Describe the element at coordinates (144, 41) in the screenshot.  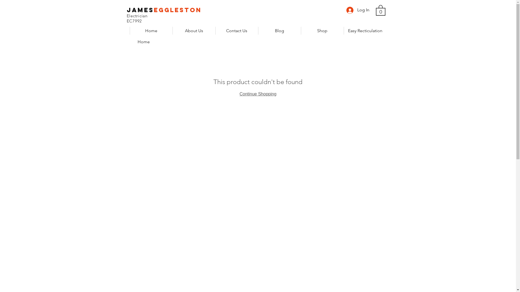
I see `'Home'` at that location.